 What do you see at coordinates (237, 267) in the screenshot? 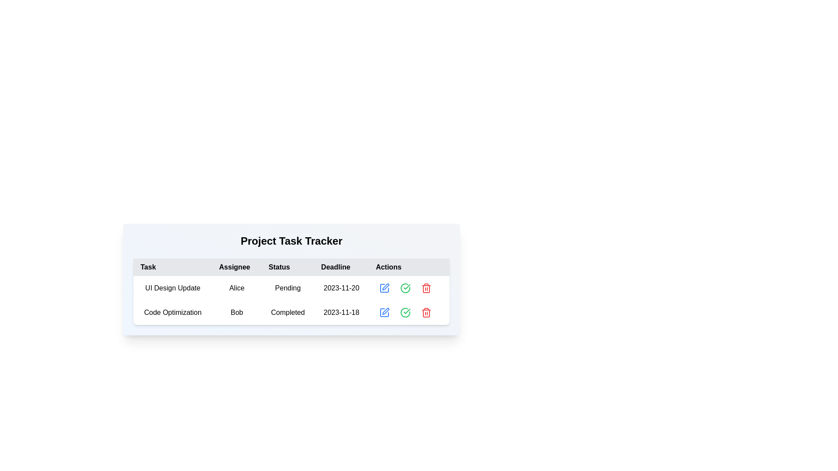
I see `the 'Assignee' table header cell, which is the second column header in a table row, styled in bold and aligned to the left` at bounding box center [237, 267].